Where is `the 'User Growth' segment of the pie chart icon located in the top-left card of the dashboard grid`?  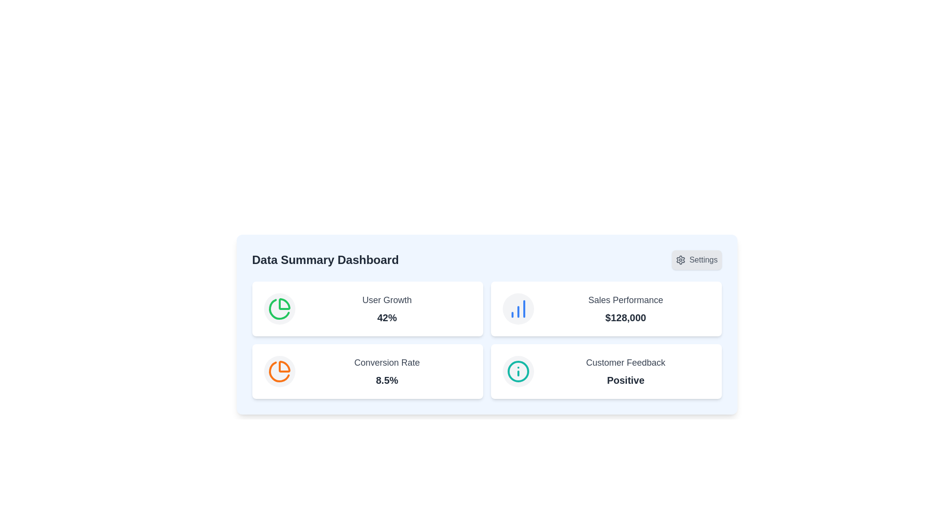 the 'User Growth' segment of the pie chart icon located in the top-left card of the dashboard grid is located at coordinates (284, 304).